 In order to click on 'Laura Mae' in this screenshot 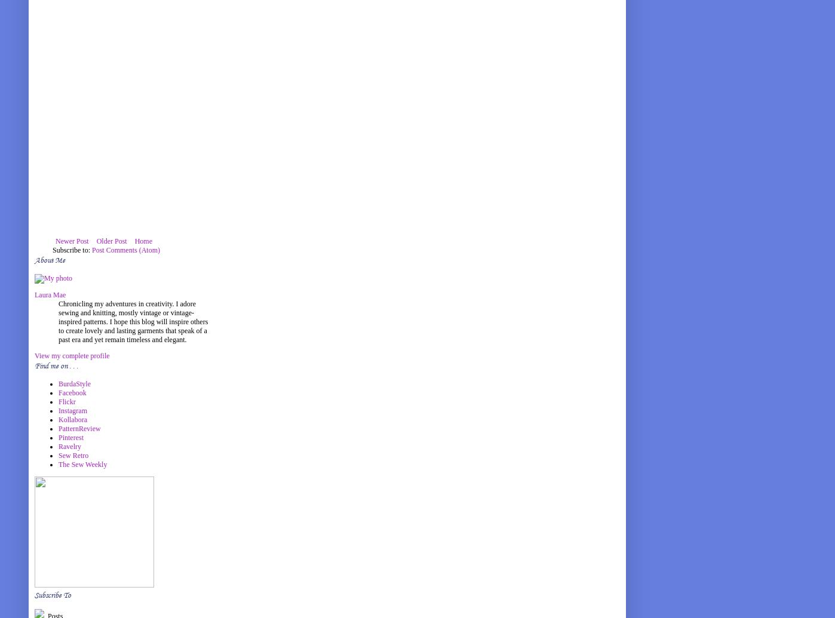, I will do `click(50, 295)`.